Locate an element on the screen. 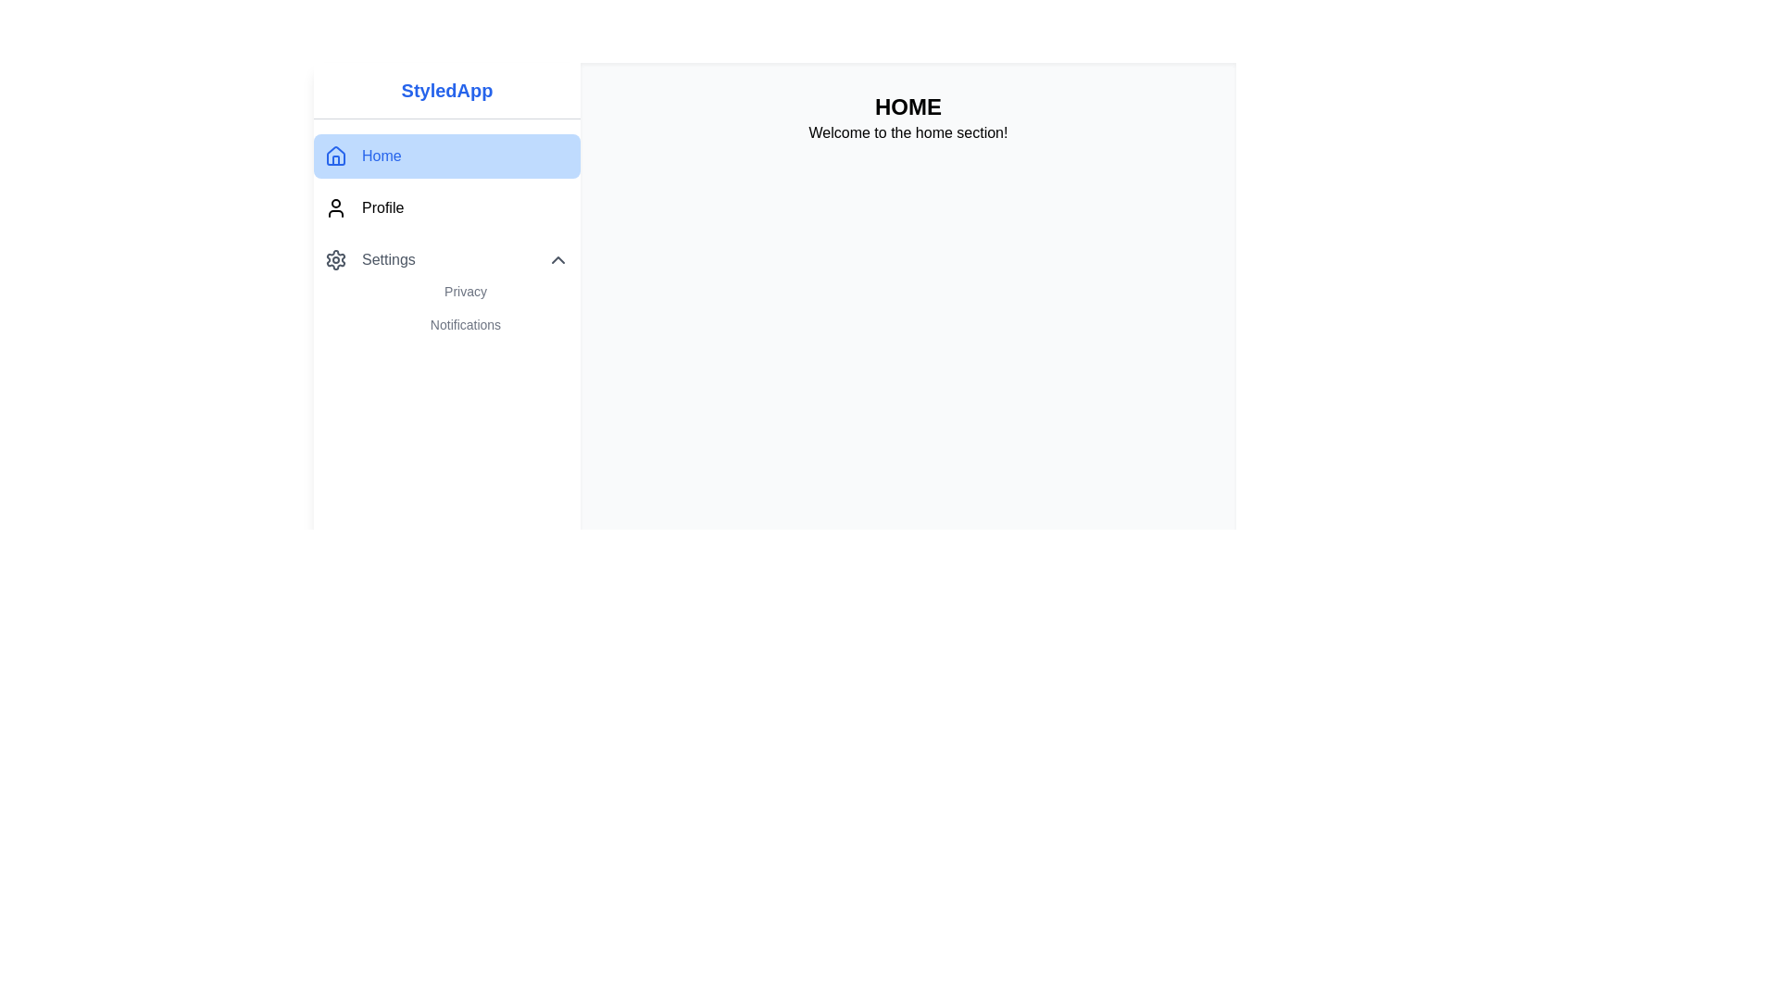 The image size is (1778, 1000). the navigation link for accessing the profile section, located in the sidebar menu, below the 'Home' item and above the 'Settings' item is located at coordinates (447, 207).